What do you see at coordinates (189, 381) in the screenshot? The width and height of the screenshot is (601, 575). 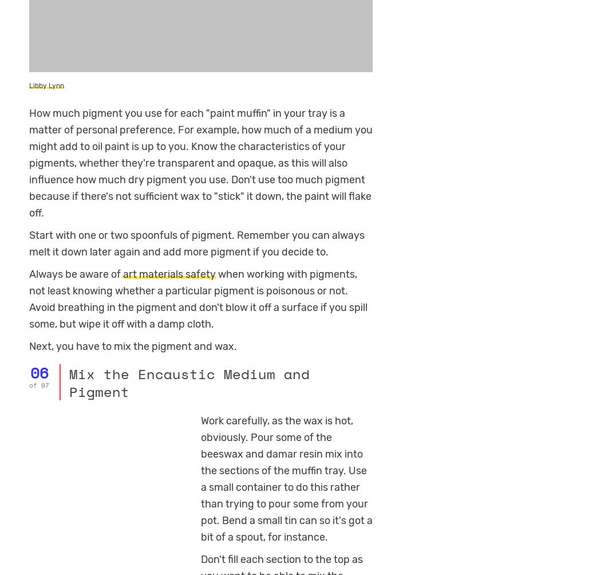 I see `'Mix the Encaustic Medium and Pigment'` at bounding box center [189, 381].